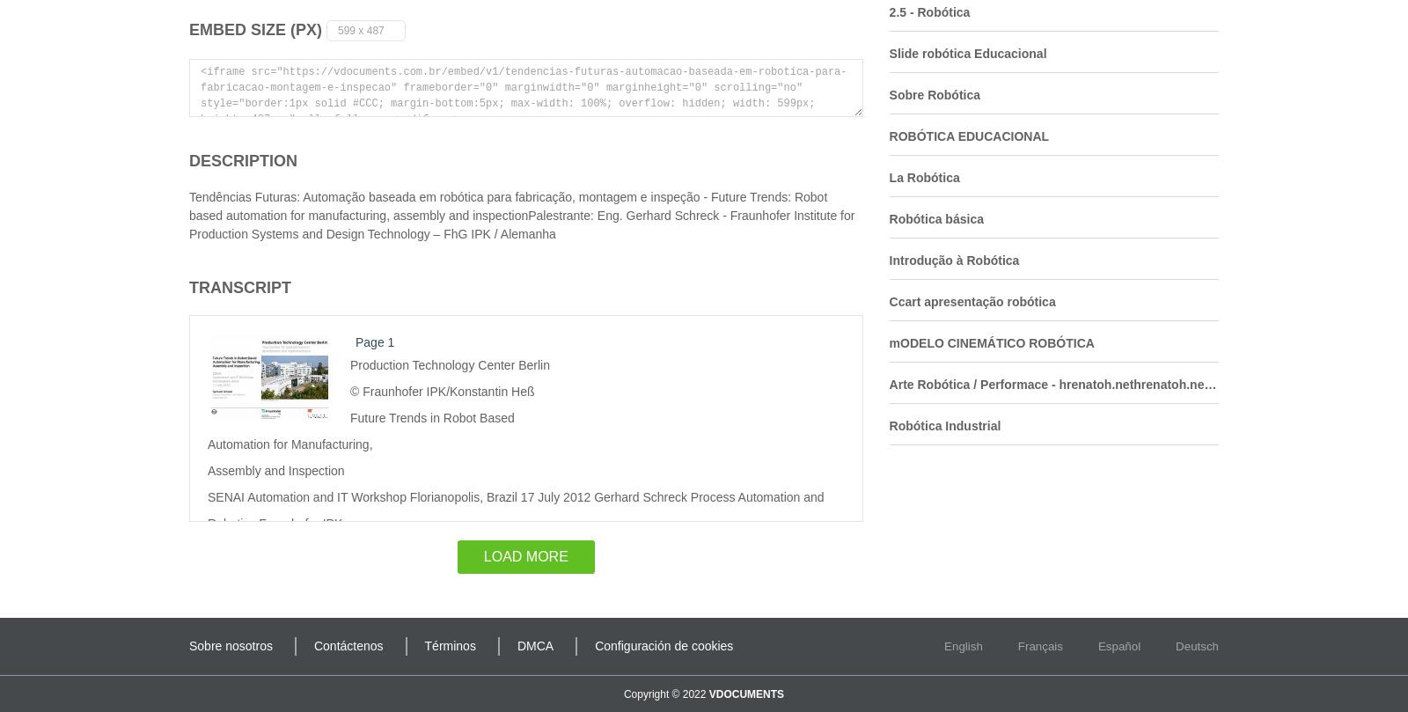  Describe the element at coordinates (208, 469) in the screenshot. I see `'Assembly and Inspection'` at that location.